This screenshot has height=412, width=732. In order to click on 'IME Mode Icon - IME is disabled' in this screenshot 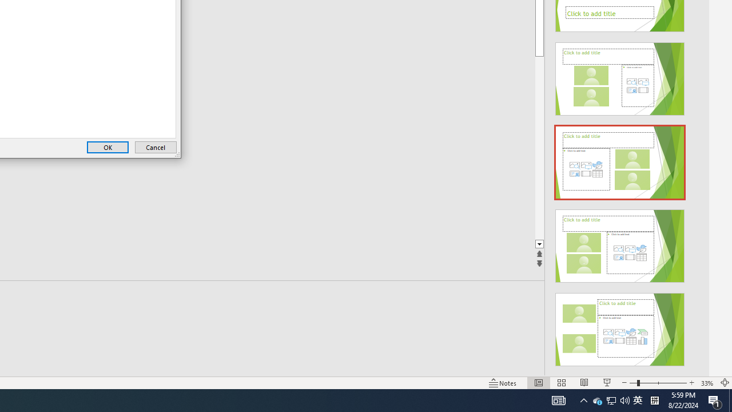, I will do `click(637, 399)`.